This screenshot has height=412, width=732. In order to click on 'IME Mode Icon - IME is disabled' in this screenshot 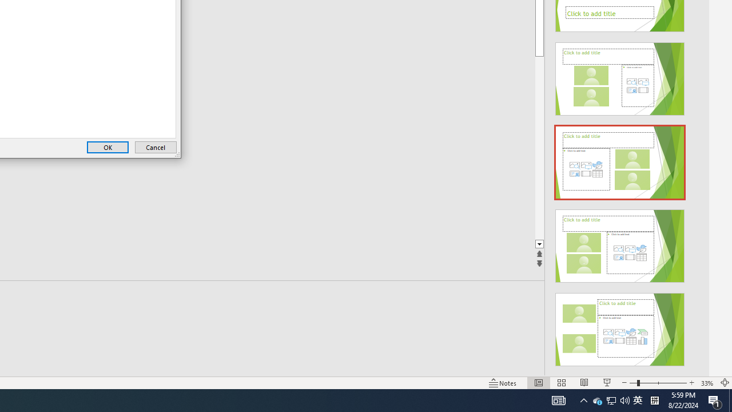, I will do `click(637, 399)`.